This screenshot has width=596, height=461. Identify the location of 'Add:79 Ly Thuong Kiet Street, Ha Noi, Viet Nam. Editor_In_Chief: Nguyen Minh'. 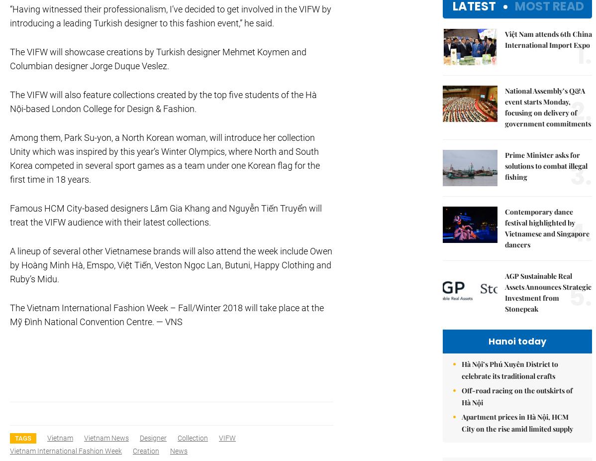
(131, 55).